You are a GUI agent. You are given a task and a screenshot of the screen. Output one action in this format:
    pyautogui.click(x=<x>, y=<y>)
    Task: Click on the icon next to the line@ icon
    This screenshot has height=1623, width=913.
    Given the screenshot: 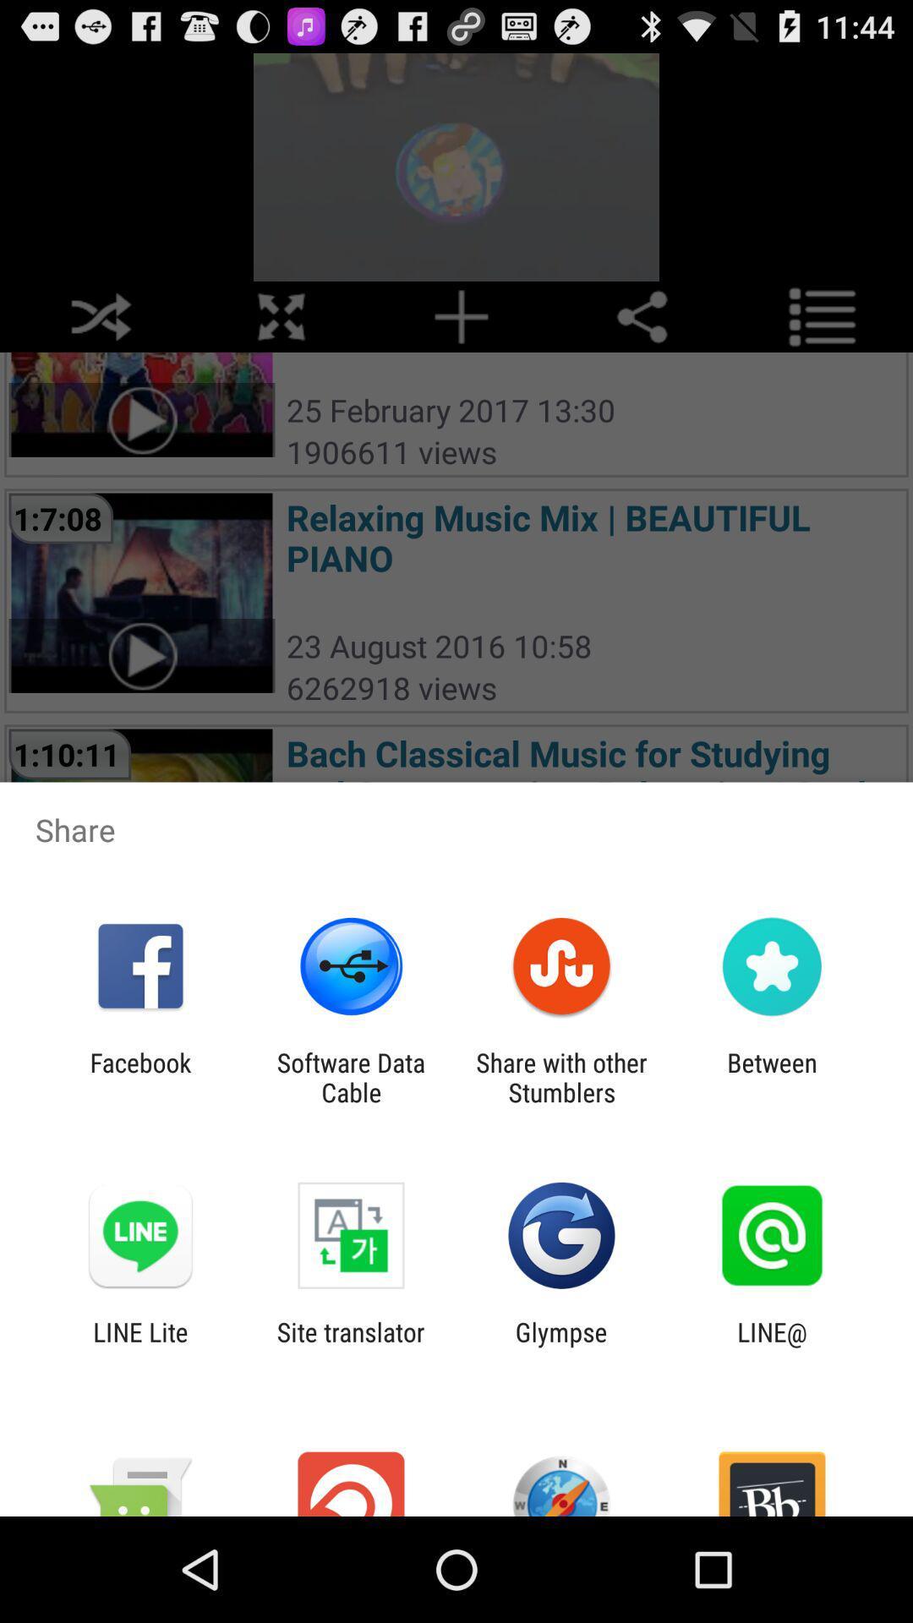 What is the action you would take?
    pyautogui.click(x=561, y=1346)
    